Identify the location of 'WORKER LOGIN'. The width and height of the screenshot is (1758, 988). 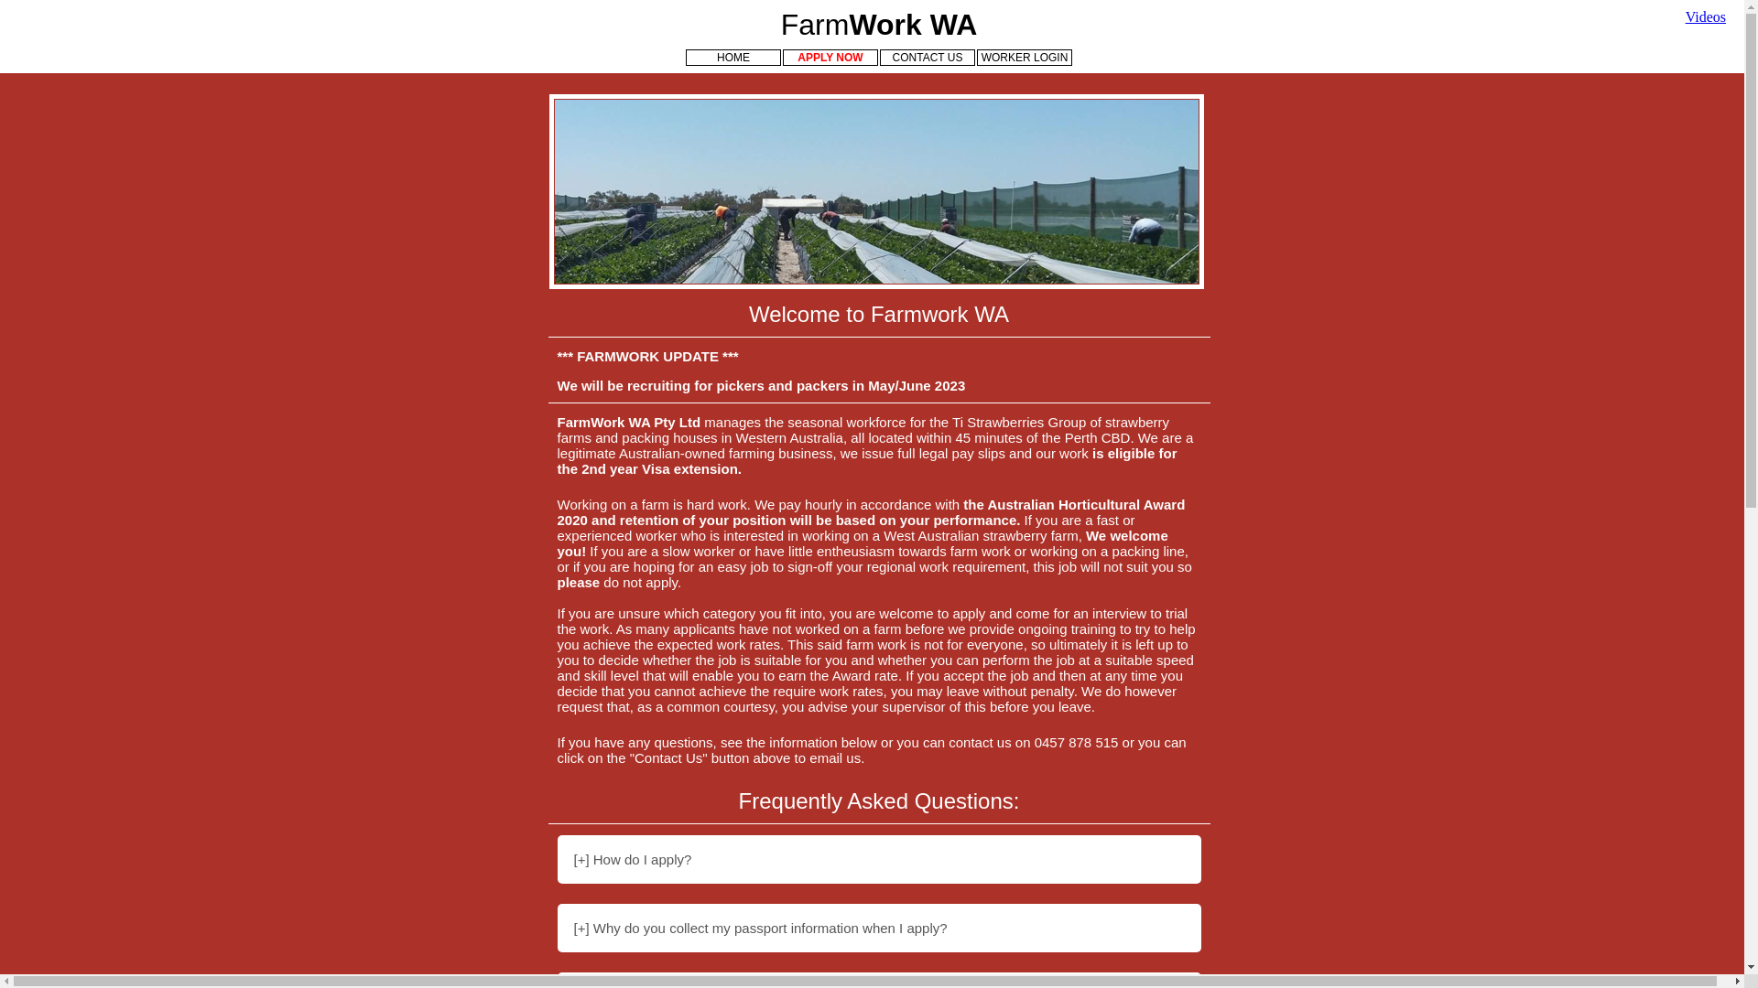
(1023, 56).